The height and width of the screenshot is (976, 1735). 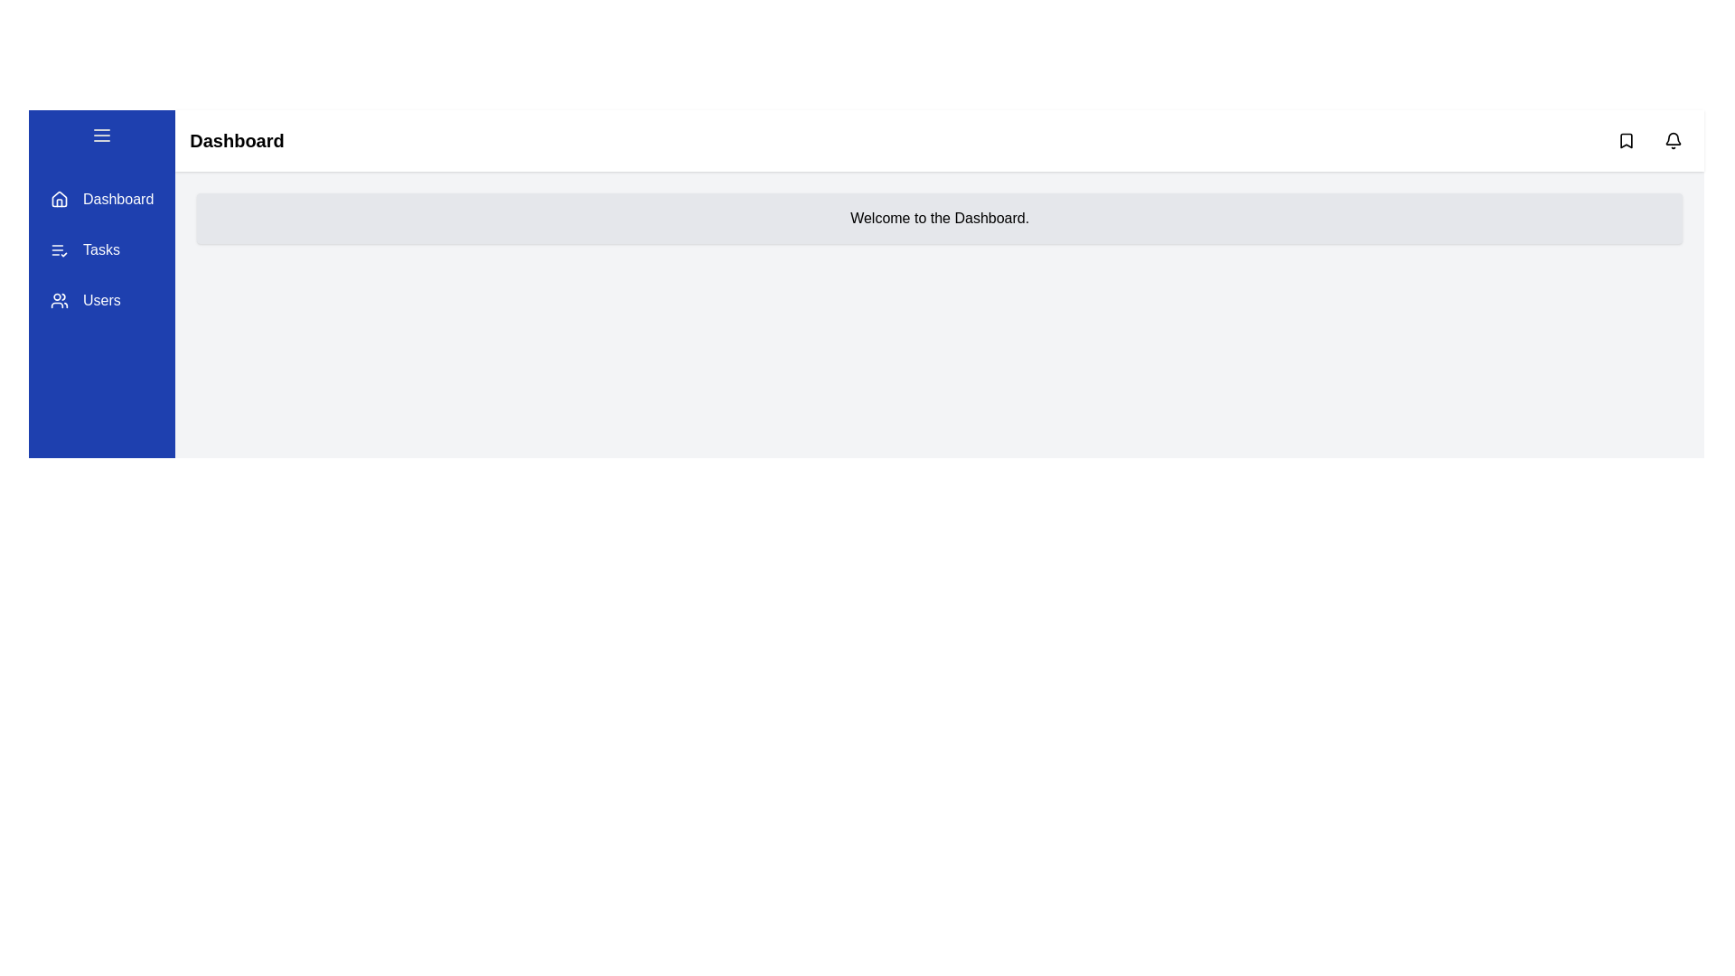 What do you see at coordinates (60, 299) in the screenshot?
I see `the SVG icon of two users aligned to the left side of the 'Users' navigation item` at bounding box center [60, 299].